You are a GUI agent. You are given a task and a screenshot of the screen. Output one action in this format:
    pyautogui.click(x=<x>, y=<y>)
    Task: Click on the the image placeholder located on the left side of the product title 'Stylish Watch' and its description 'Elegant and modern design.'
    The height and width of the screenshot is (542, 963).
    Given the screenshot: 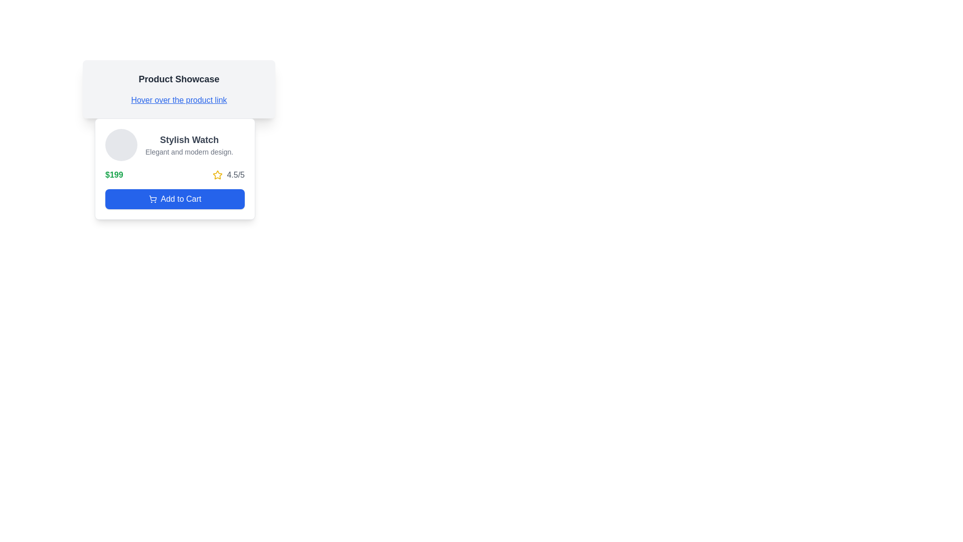 What is the action you would take?
    pyautogui.click(x=120, y=145)
    